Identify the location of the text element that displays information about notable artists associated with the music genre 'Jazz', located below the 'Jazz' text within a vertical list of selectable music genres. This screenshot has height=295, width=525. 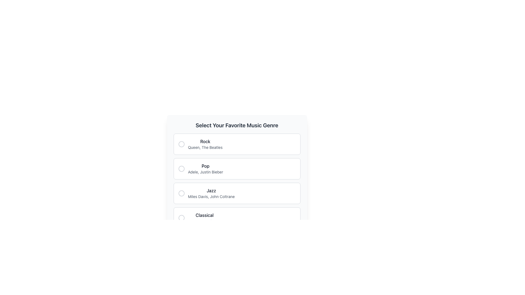
(211, 197).